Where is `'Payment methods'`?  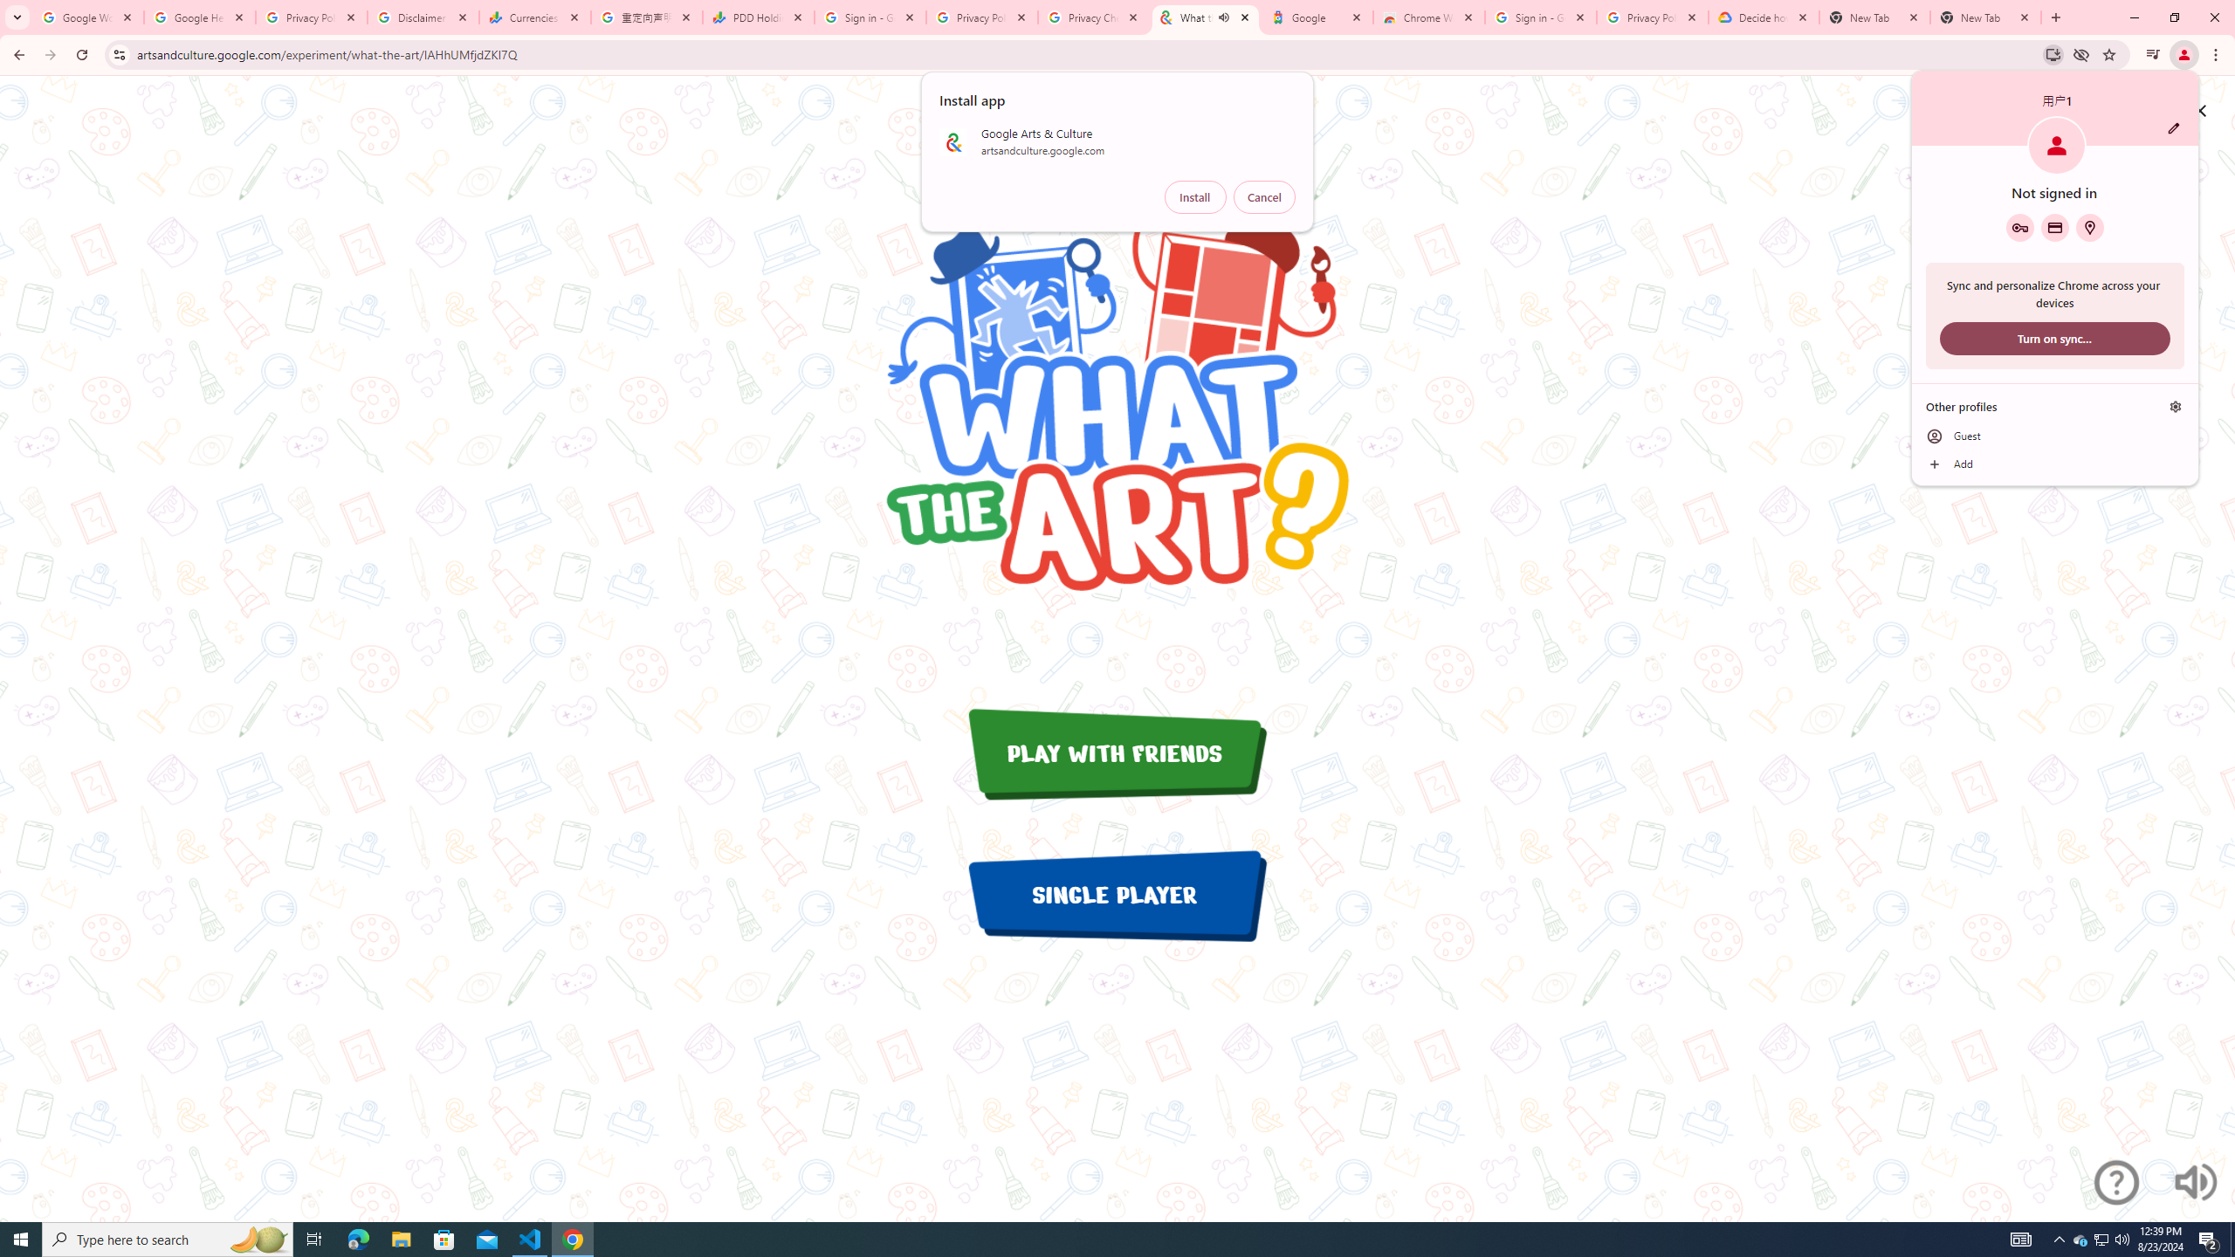 'Payment methods' is located at coordinates (2053, 227).